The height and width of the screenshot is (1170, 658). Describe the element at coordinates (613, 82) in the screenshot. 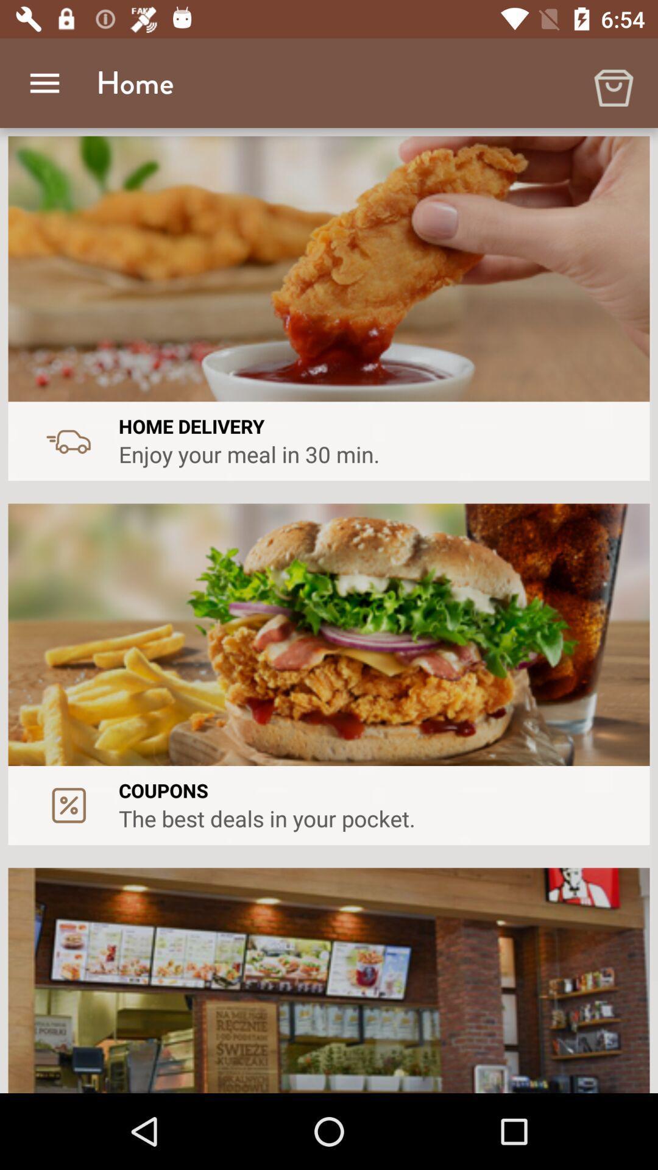

I see `item to the right of home` at that location.